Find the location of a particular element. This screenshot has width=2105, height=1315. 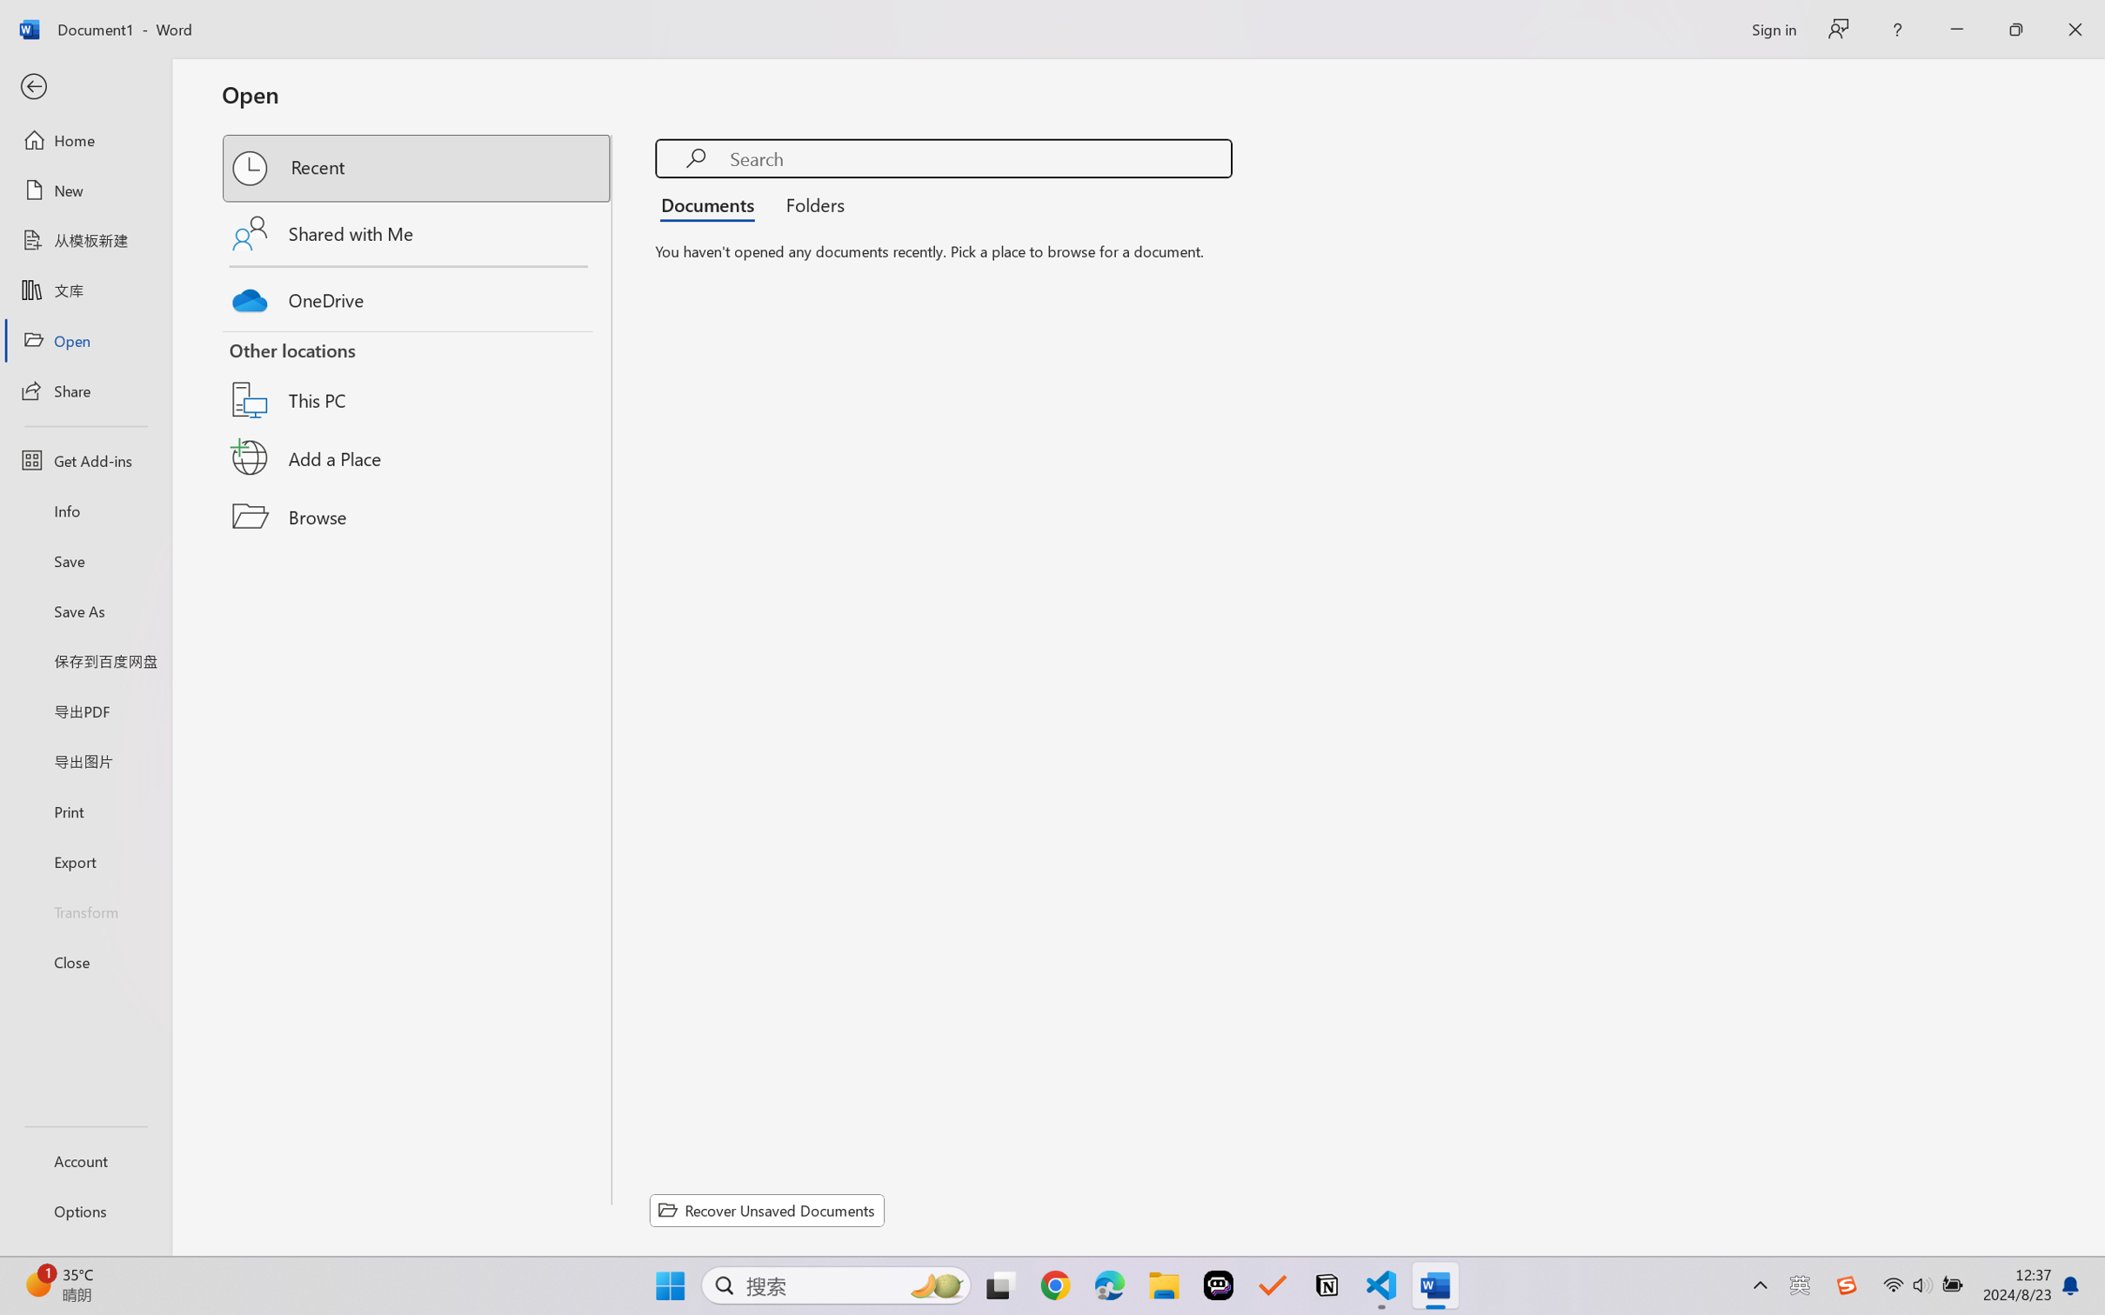

'Account' is located at coordinates (84, 1160).